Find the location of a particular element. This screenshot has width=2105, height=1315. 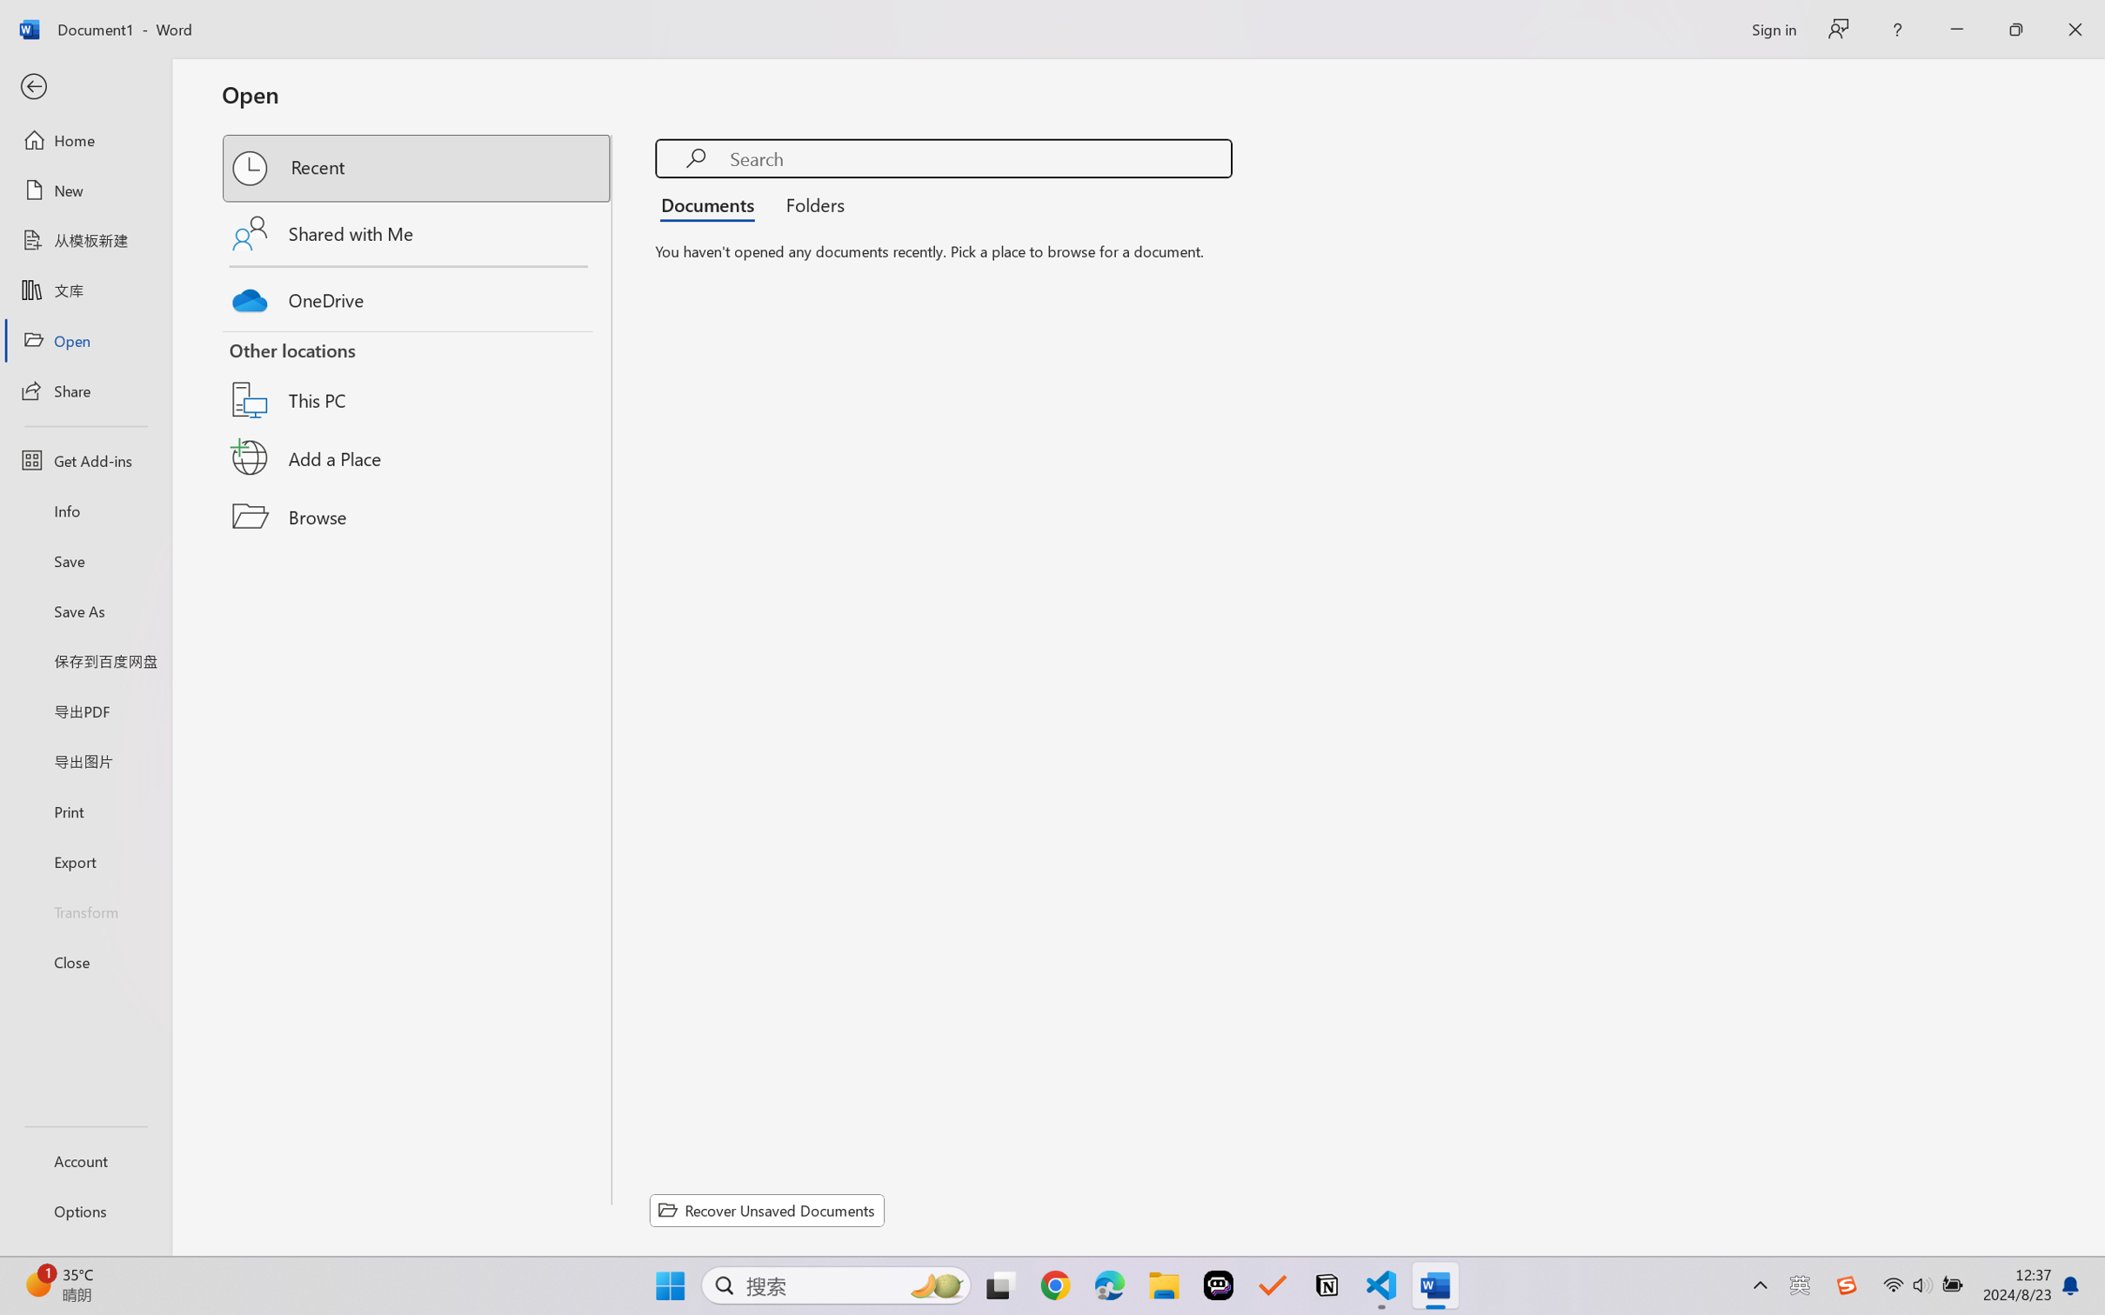

'Account' is located at coordinates (84, 1160).